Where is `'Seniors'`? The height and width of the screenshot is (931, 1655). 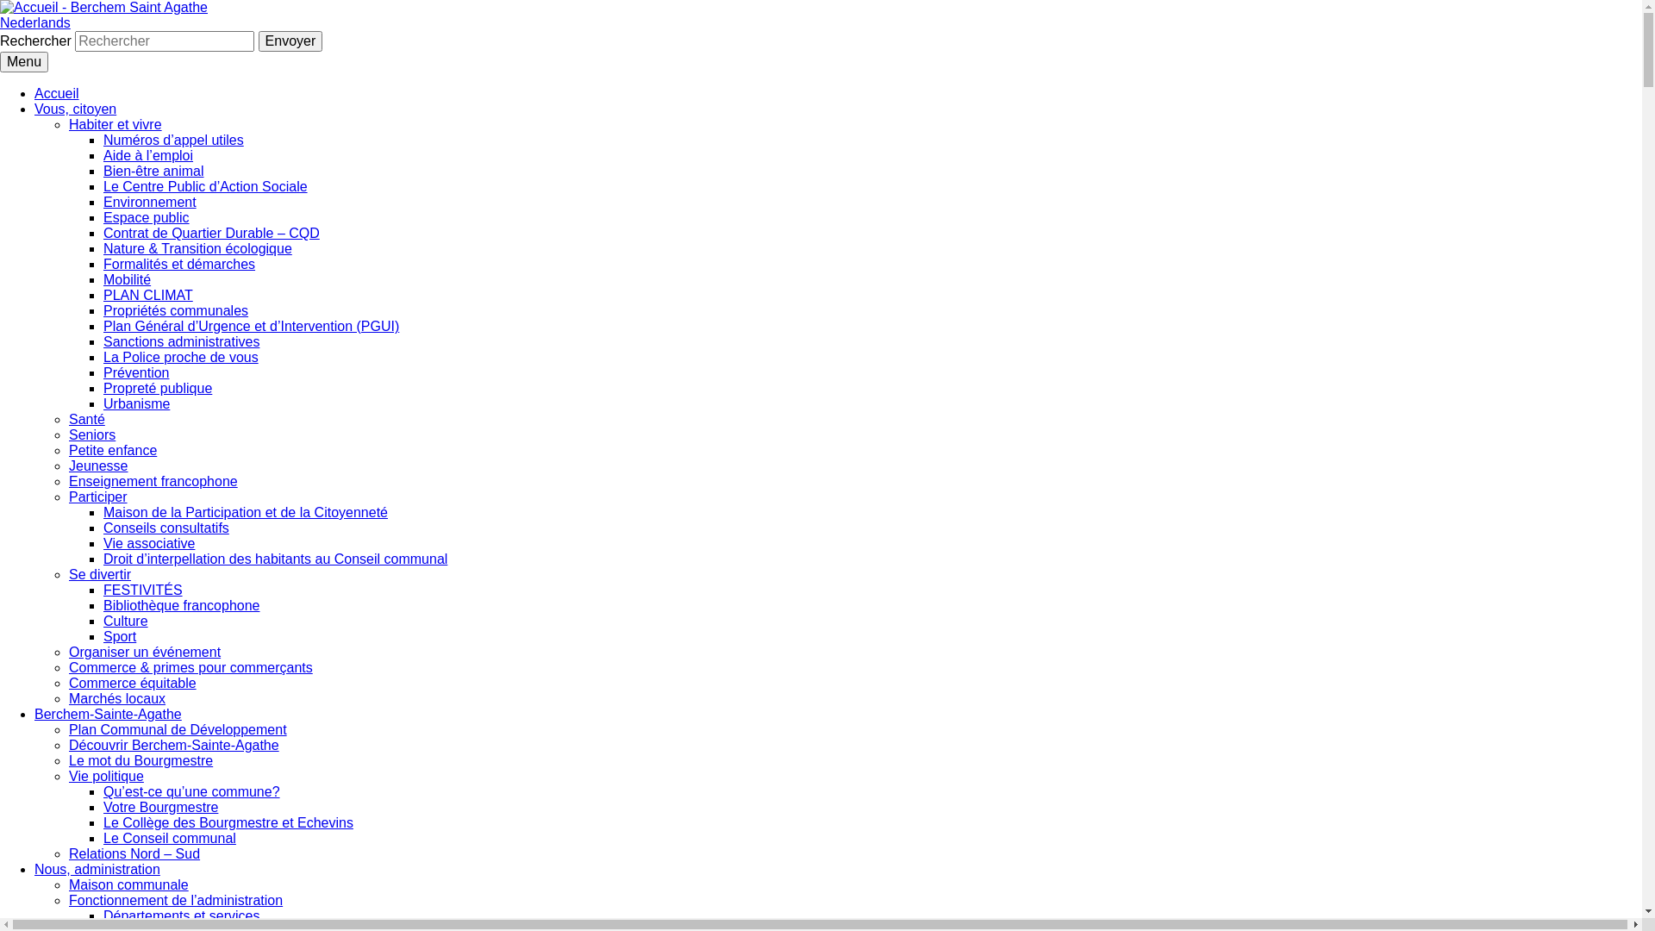 'Seniors' is located at coordinates (91, 434).